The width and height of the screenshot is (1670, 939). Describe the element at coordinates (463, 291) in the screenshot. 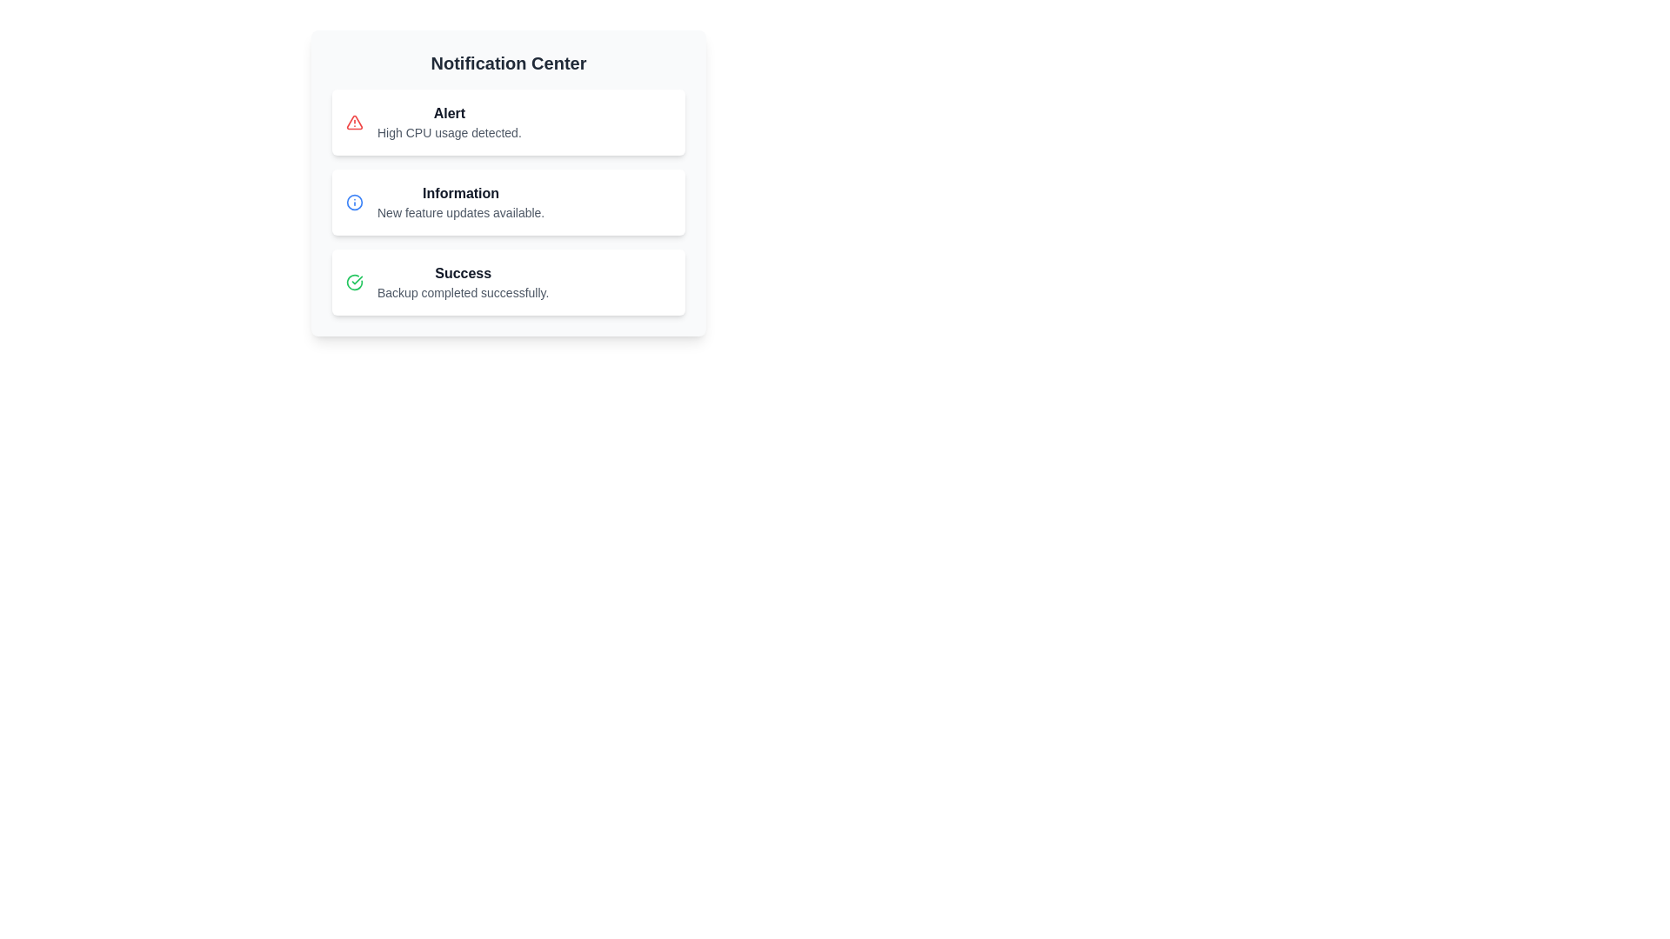

I see `the static text that indicates the successful completion of a backup operation, located below the 'Success' header in the Notification Center interface` at that location.